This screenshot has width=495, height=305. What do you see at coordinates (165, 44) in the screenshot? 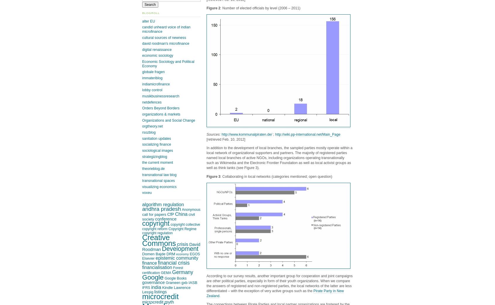
I see `'david roodman's microfinance'` at bounding box center [165, 44].